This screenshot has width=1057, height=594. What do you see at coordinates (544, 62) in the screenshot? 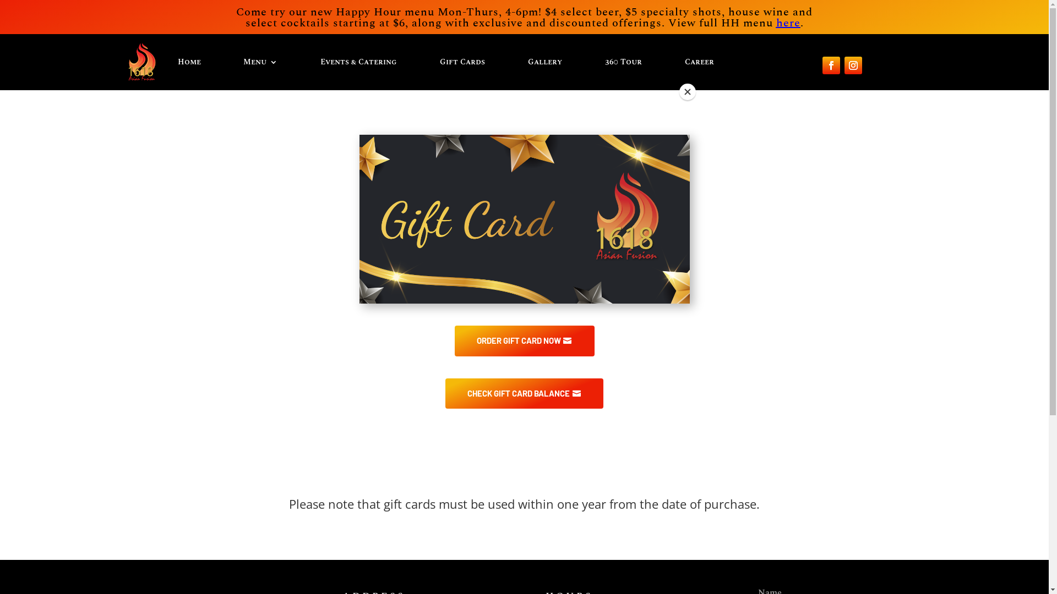
I see `'Gallery'` at bounding box center [544, 62].